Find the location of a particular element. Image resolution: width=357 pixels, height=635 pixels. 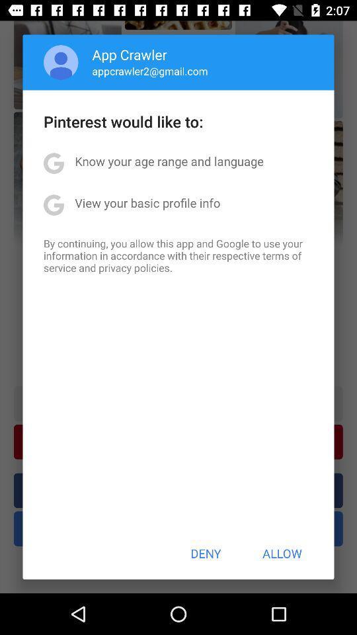

the app below the know your age item is located at coordinates (147, 202).